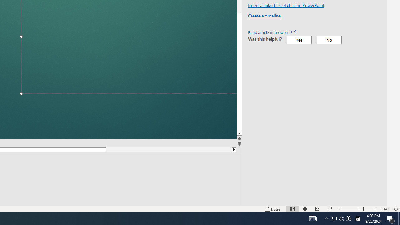  Describe the element at coordinates (328, 40) in the screenshot. I see `'No'` at that location.